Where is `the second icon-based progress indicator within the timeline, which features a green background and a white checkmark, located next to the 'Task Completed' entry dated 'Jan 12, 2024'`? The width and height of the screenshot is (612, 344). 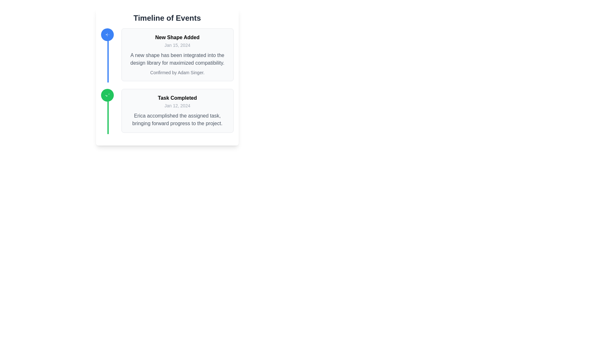 the second icon-based progress indicator within the timeline, which features a green background and a white checkmark, located next to the 'Task Completed' entry dated 'Jan 12, 2024' is located at coordinates (107, 95).